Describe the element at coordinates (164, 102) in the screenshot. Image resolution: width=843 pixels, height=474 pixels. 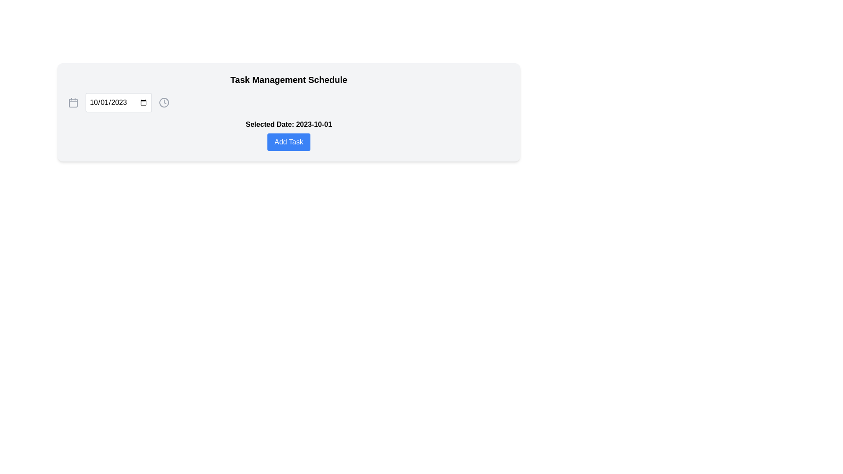
I see `the clock icon located to the immediate right of the date input field, which serves as a time-related interaction element` at that location.